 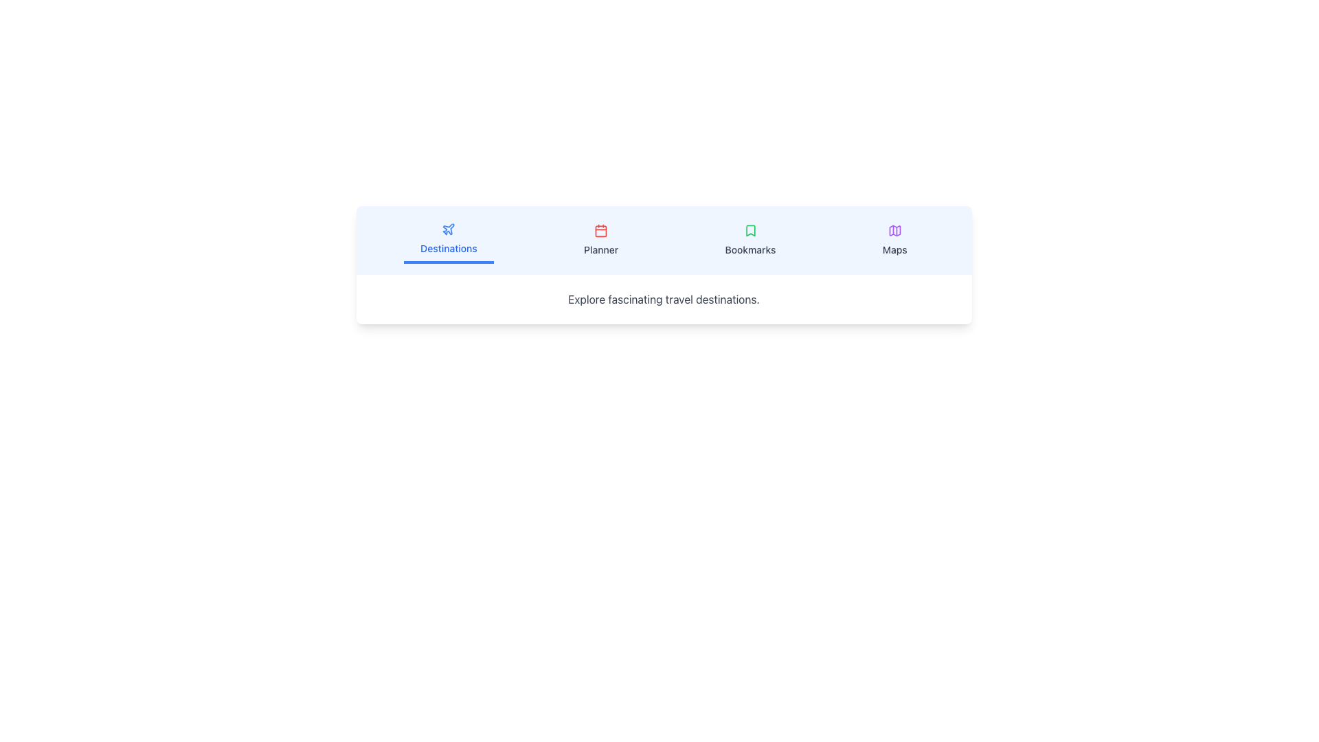 What do you see at coordinates (749, 229) in the screenshot?
I see `the 'Bookmarks' icon in the navigation bar, which is the third icon from the left and positioned above the 'Bookmarks' text label` at bounding box center [749, 229].